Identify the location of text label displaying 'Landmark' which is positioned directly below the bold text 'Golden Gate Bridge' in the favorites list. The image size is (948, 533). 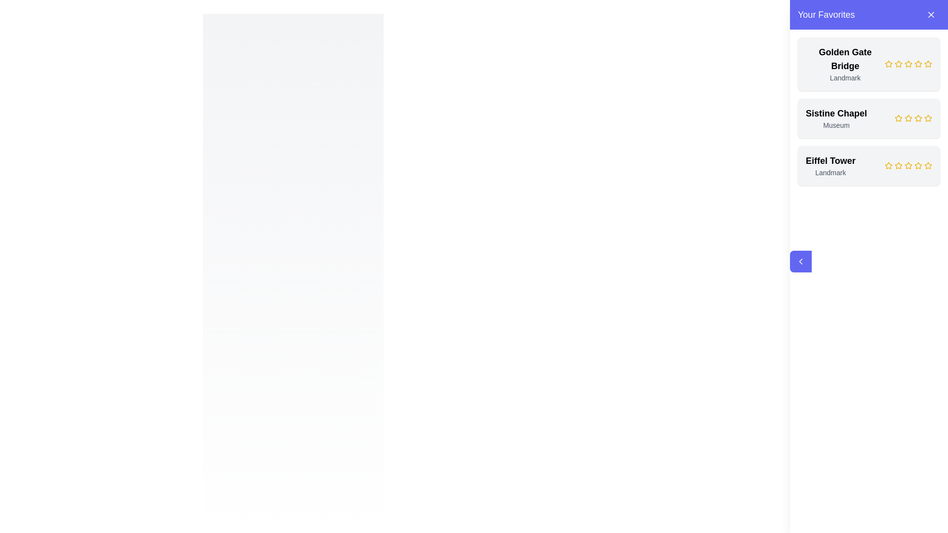
(845, 77).